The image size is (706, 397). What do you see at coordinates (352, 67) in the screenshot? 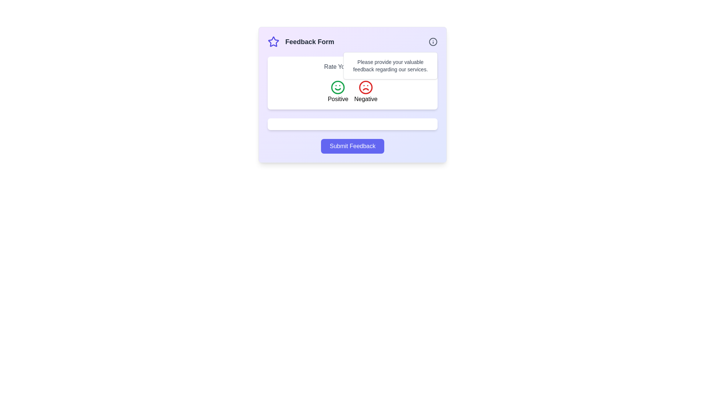
I see `the text field labeled 'Rate Your Experience', which is styled with gray text color and is center-aligned, located at the top-center of a white rounded card-like box` at bounding box center [352, 67].